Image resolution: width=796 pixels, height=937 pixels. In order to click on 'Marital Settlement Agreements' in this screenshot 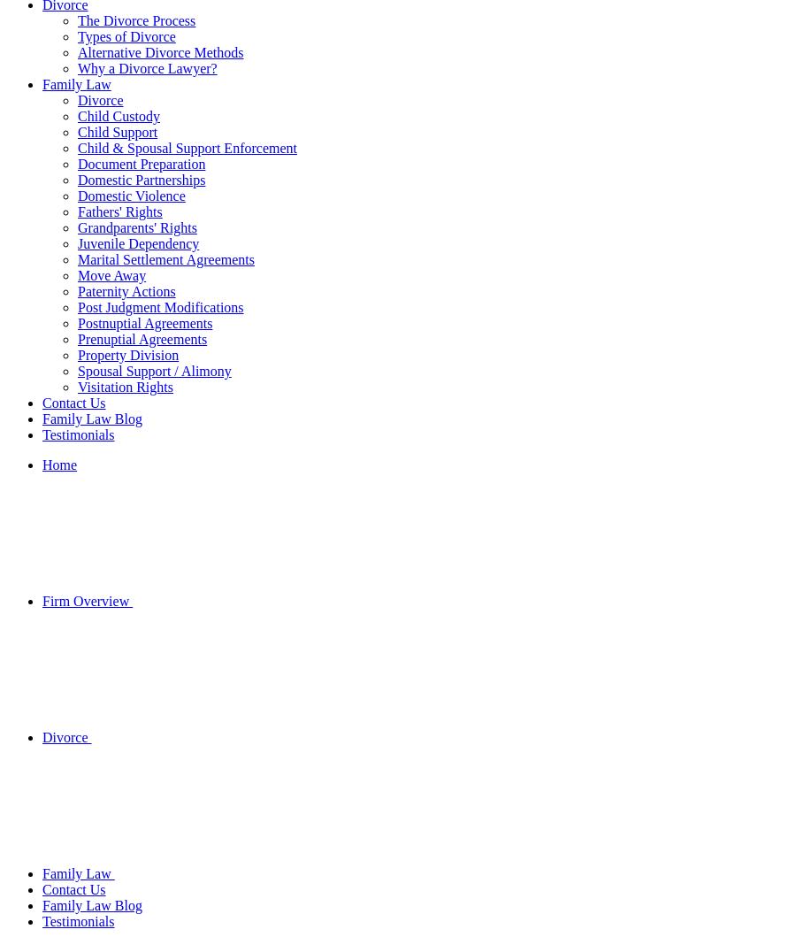, I will do `click(165, 259)`.